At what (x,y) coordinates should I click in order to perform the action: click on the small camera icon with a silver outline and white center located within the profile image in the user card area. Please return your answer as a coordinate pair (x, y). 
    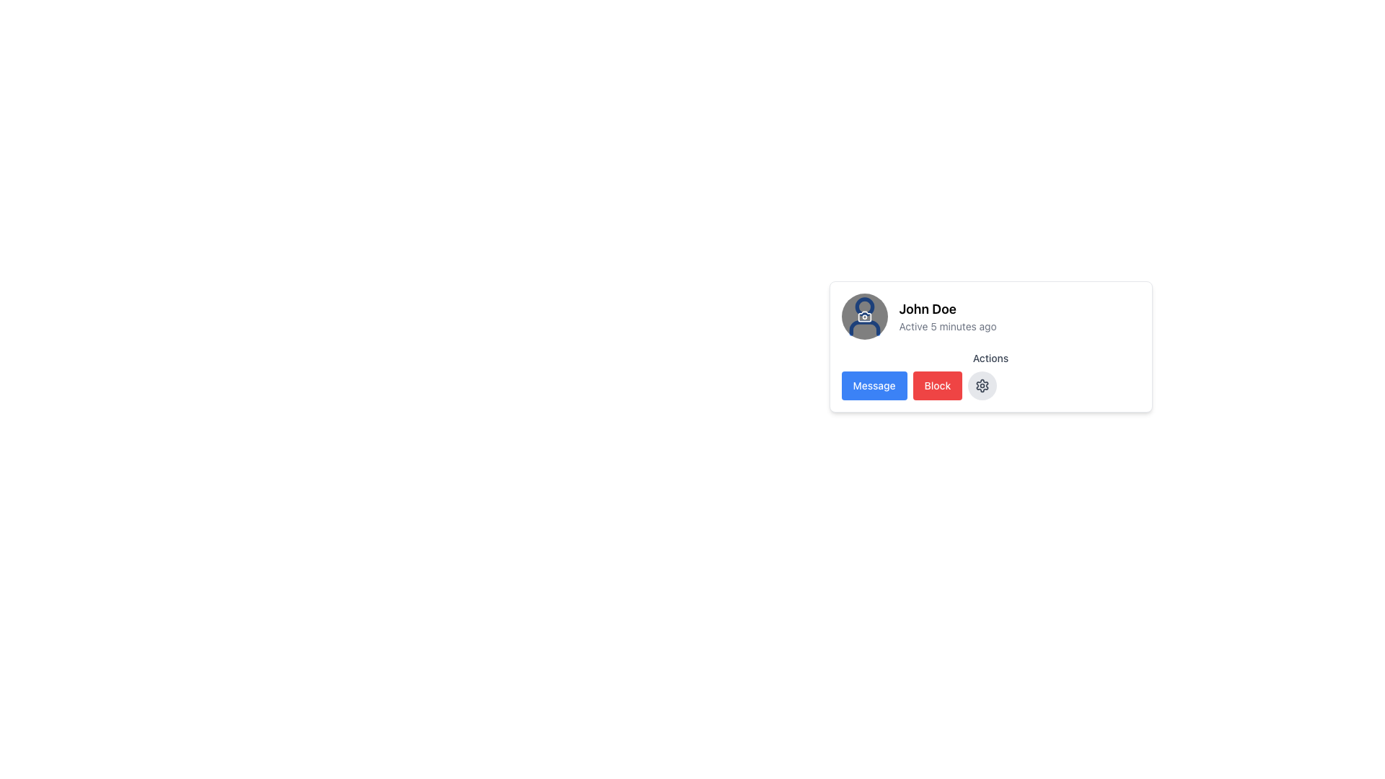
    Looking at the image, I should click on (864, 316).